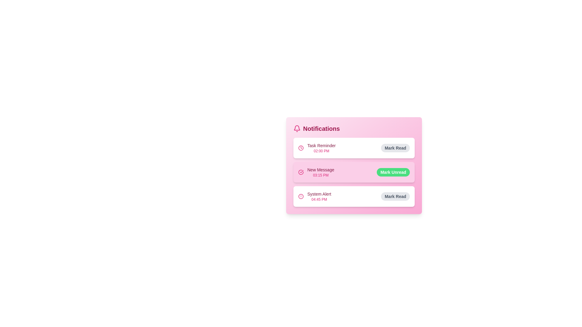 The width and height of the screenshot is (582, 327). What do you see at coordinates (301, 196) in the screenshot?
I see `the icon representing the notification type System Alert` at bounding box center [301, 196].